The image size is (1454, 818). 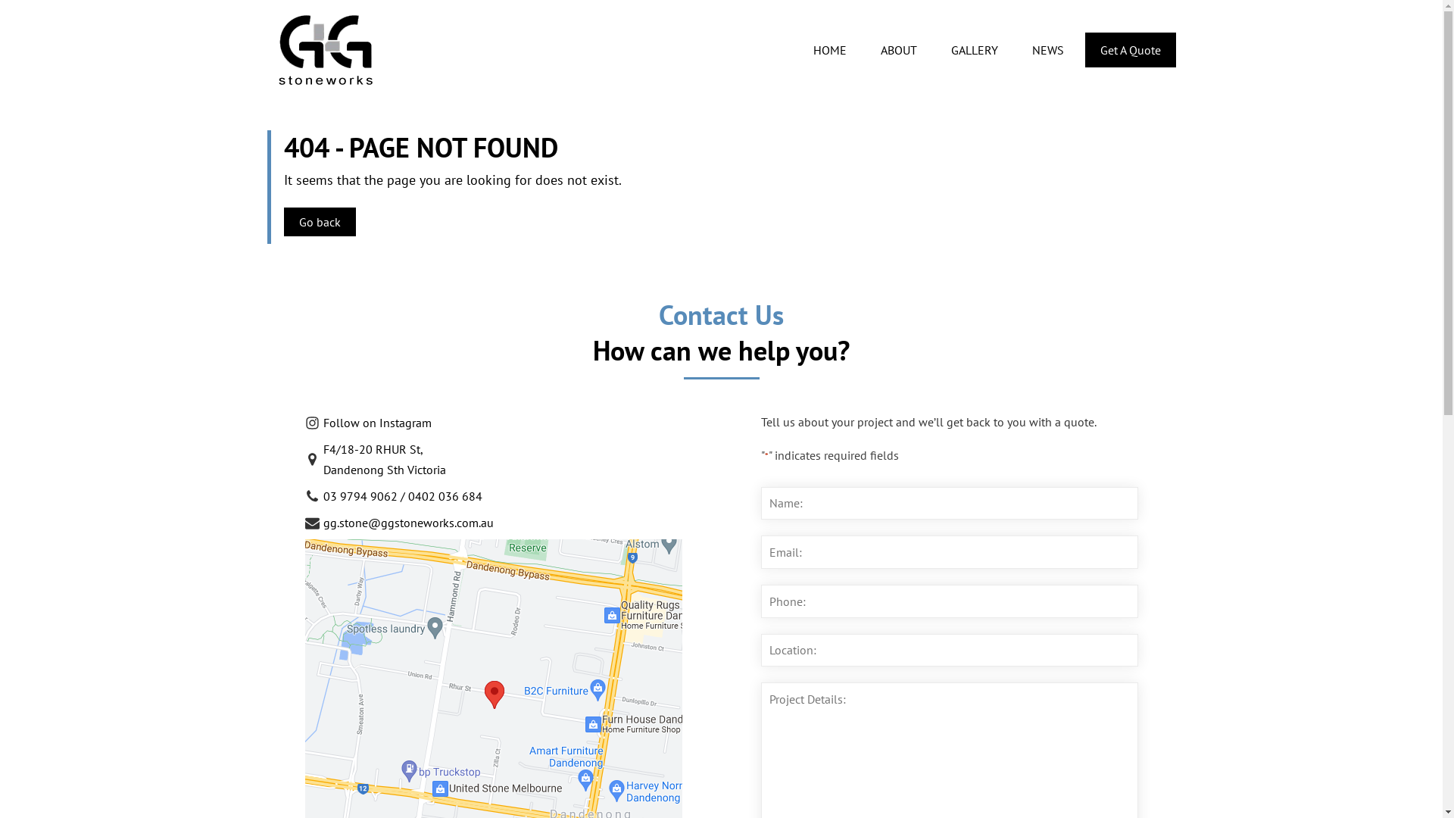 I want to click on 'gg.stone@ggstoneworks.com.au', so click(x=398, y=525).